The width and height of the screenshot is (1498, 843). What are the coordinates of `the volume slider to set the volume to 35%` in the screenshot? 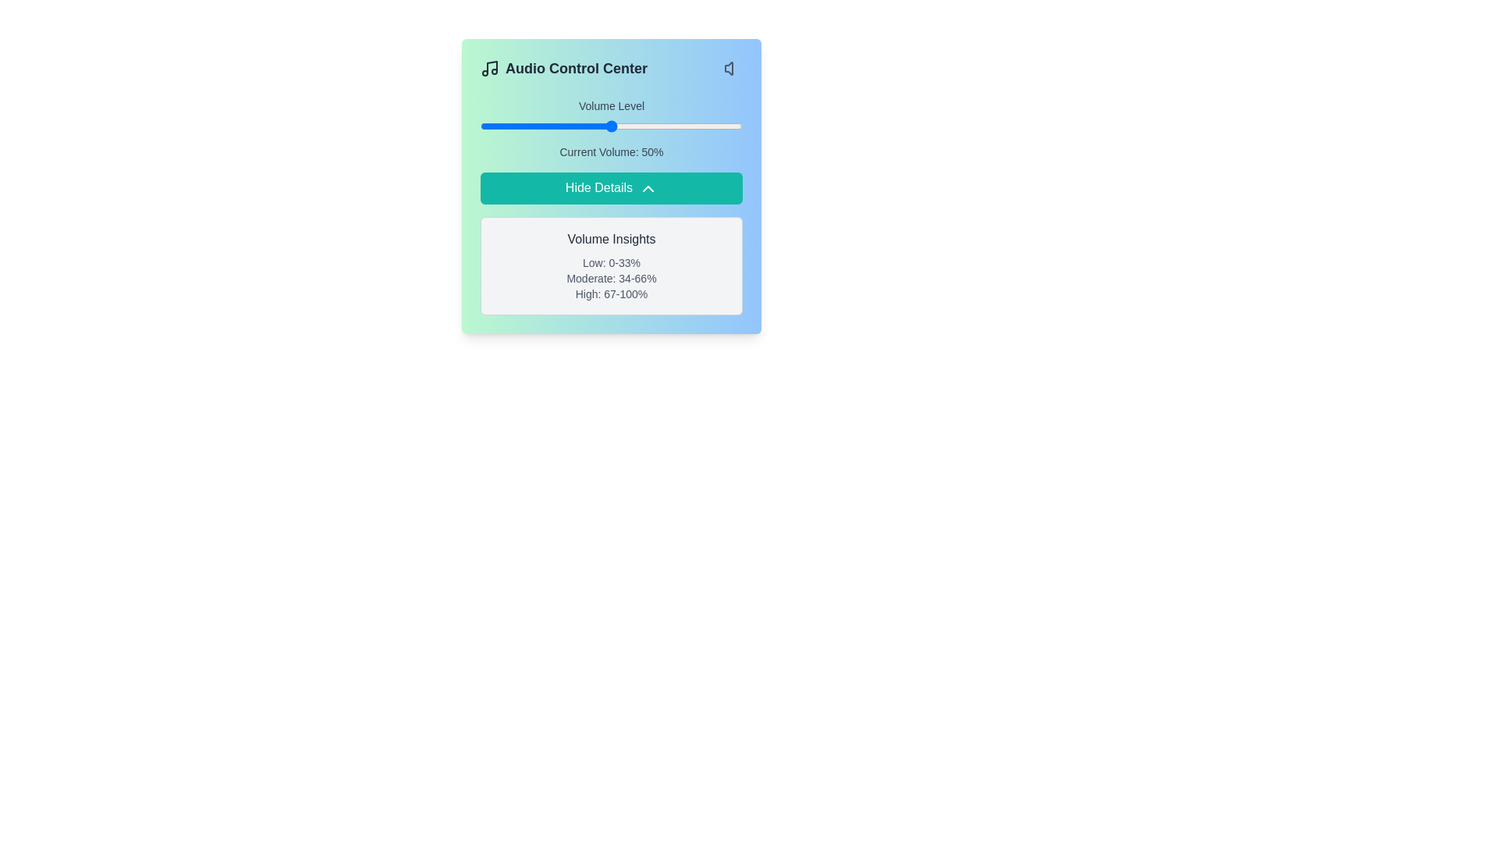 It's located at (571, 126).